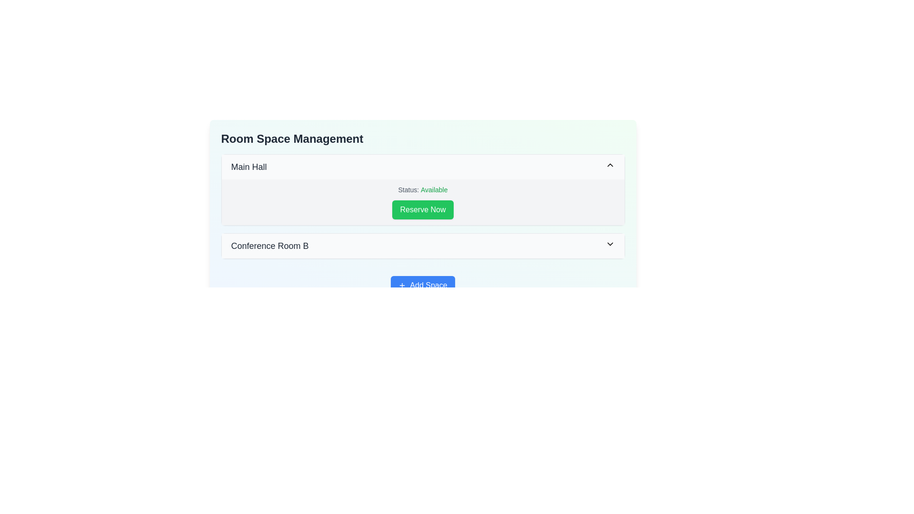 Image resolution: width=914 pixels, height=514 pixels. Describe the element at coordinates (422, 285) in the screenshot. I see `the 'Add New Space' button located beneath the 'Conference Room B' section` at that location.